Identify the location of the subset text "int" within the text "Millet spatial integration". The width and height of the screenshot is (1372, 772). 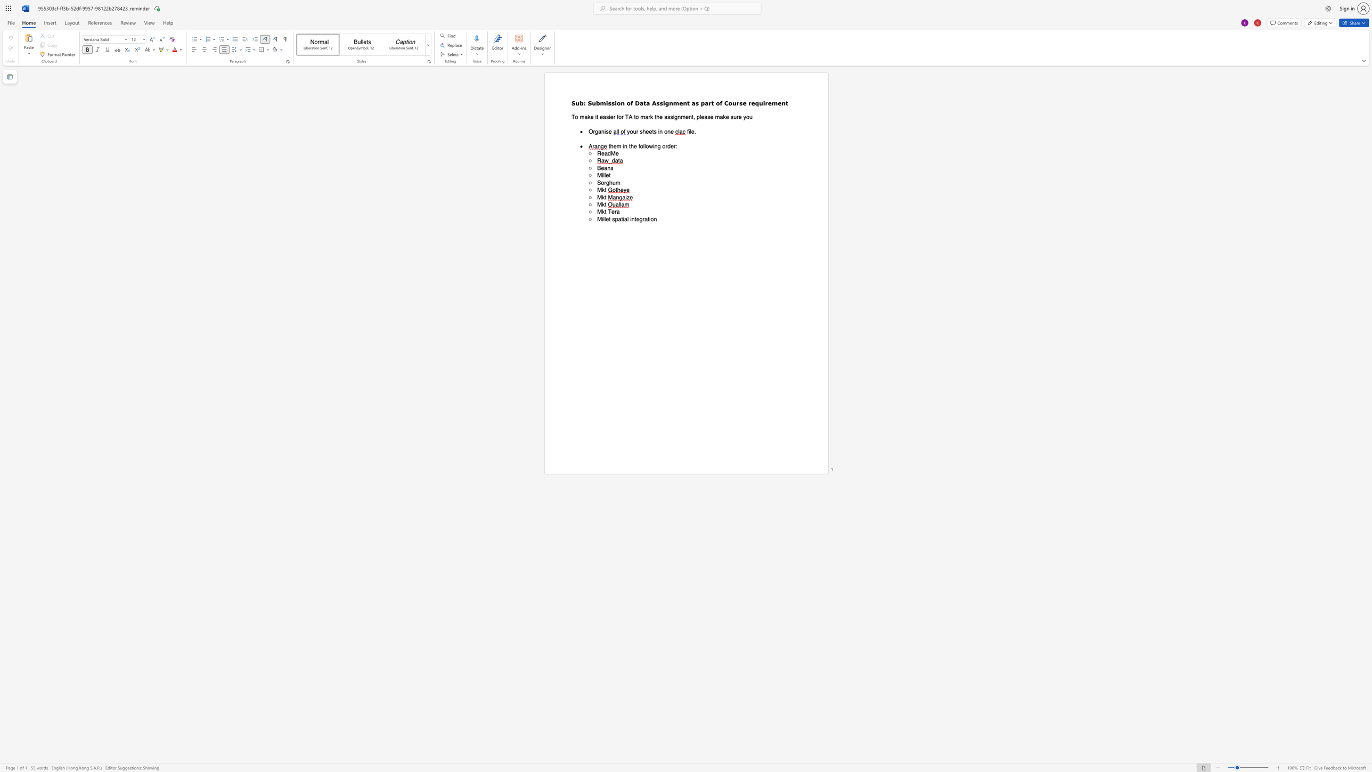
(630, 218).